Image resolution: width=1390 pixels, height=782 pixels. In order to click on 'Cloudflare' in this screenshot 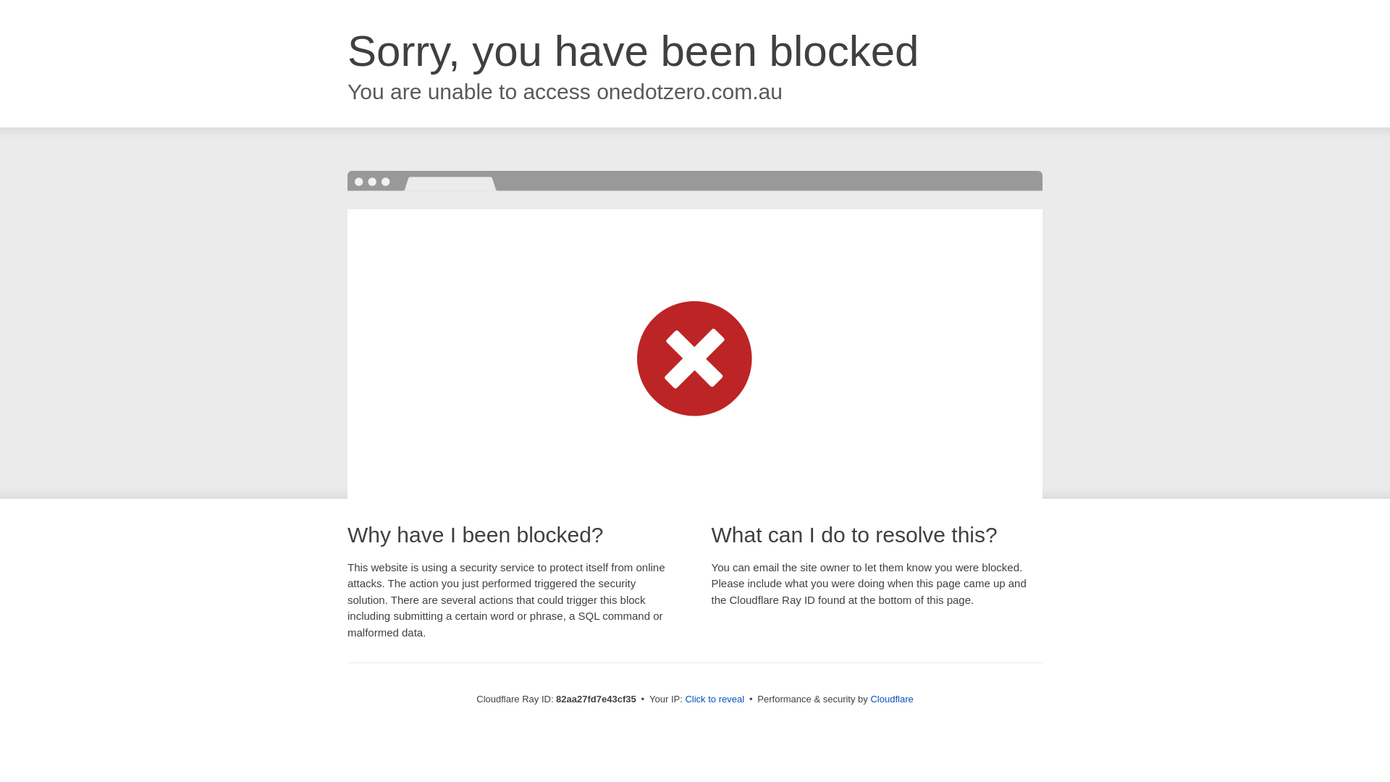, I will do `click(890, 698)`.